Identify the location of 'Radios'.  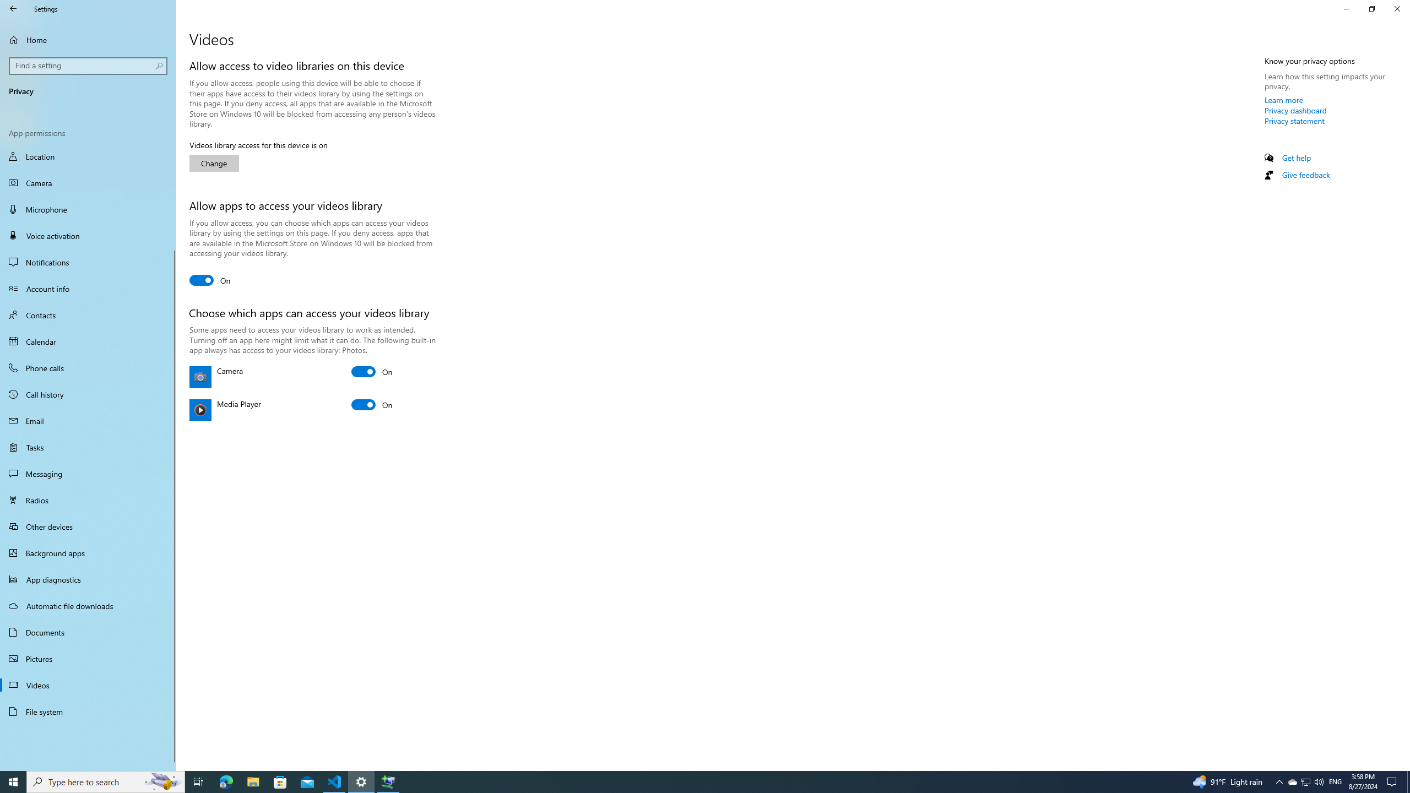
(88, 499).